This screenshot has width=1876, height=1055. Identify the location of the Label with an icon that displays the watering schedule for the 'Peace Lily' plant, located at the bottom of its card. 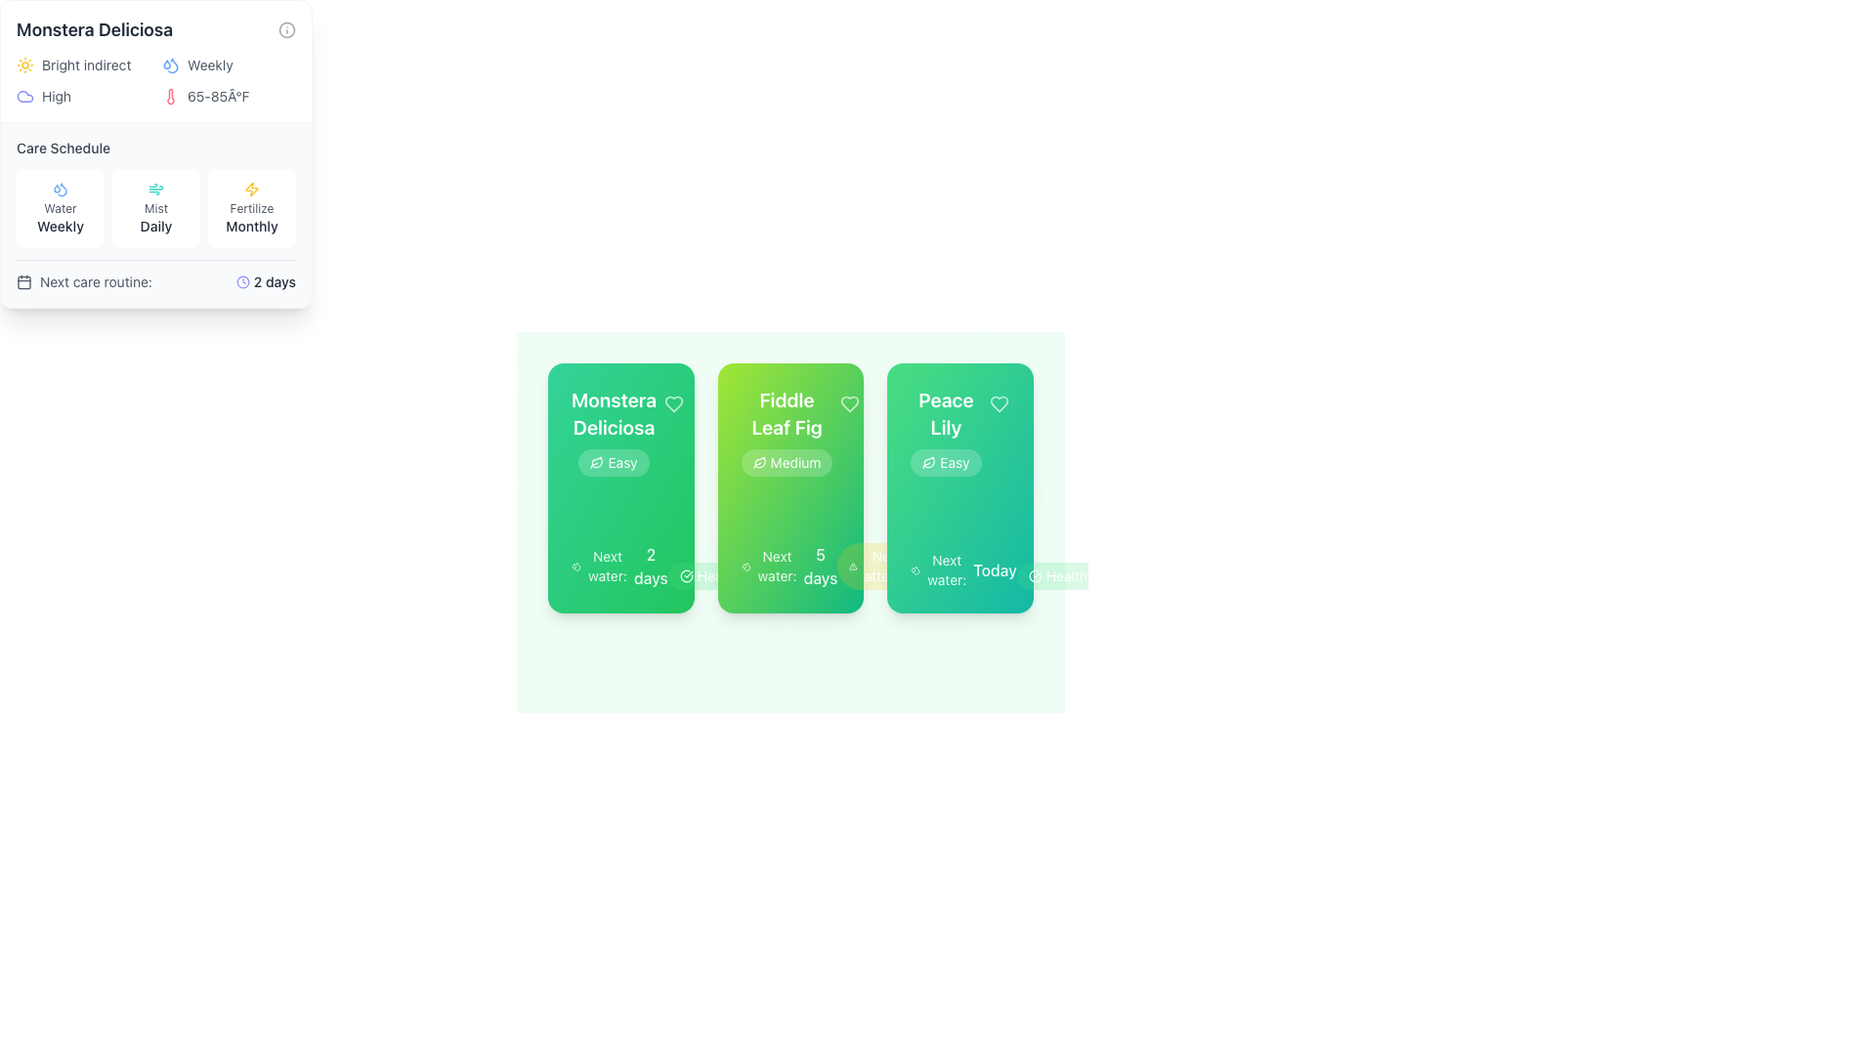
(963, 570).